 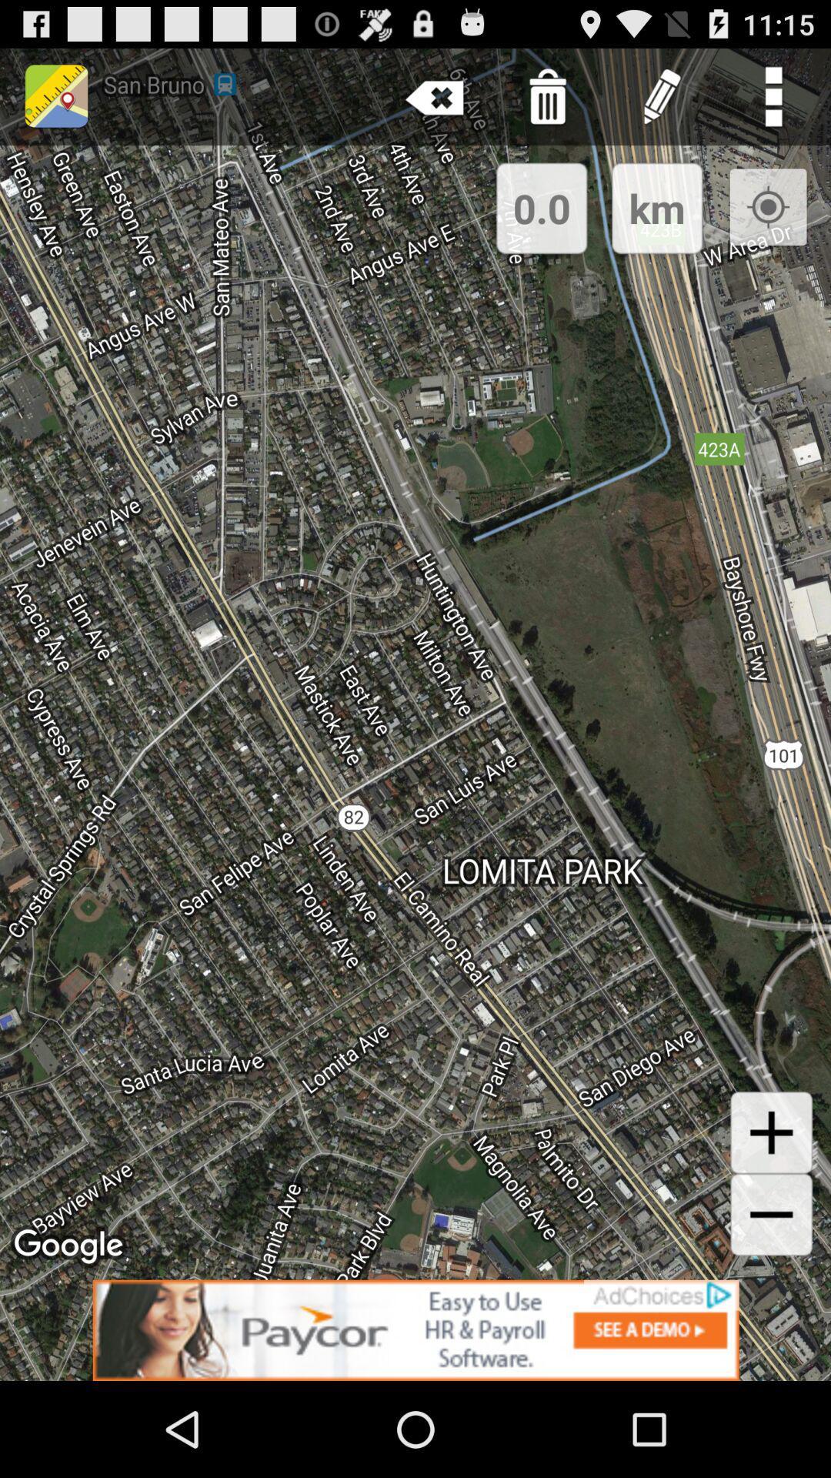 What do you see at coordinates (771, 1214) in the screenshot?
I see `zoom out` at bounding box center [771, 1214].